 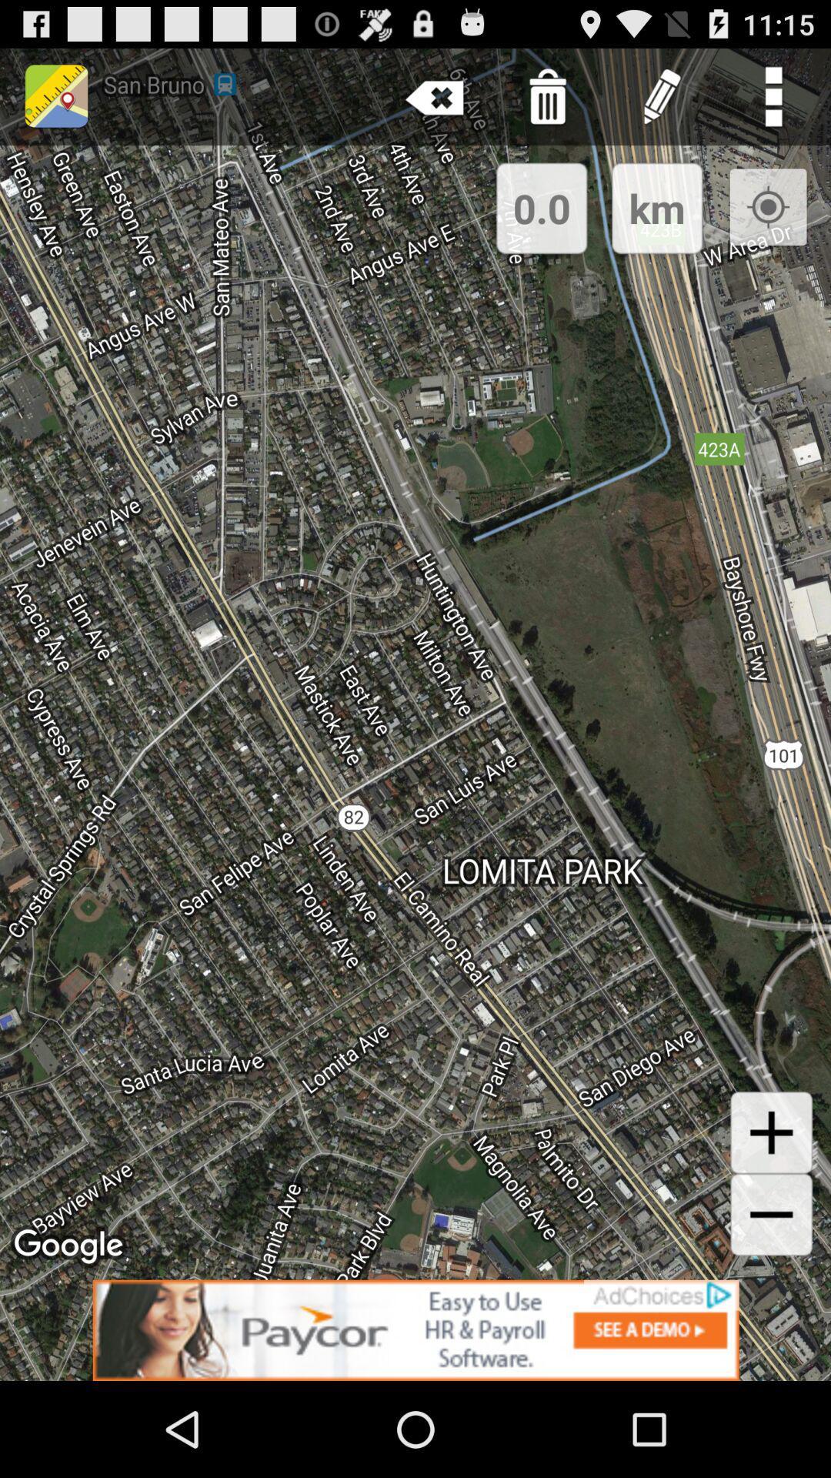 What do you see at coordinates (771, 1214) in the screenshot?
I see `zoom out` at bounding box center [771, 1214].